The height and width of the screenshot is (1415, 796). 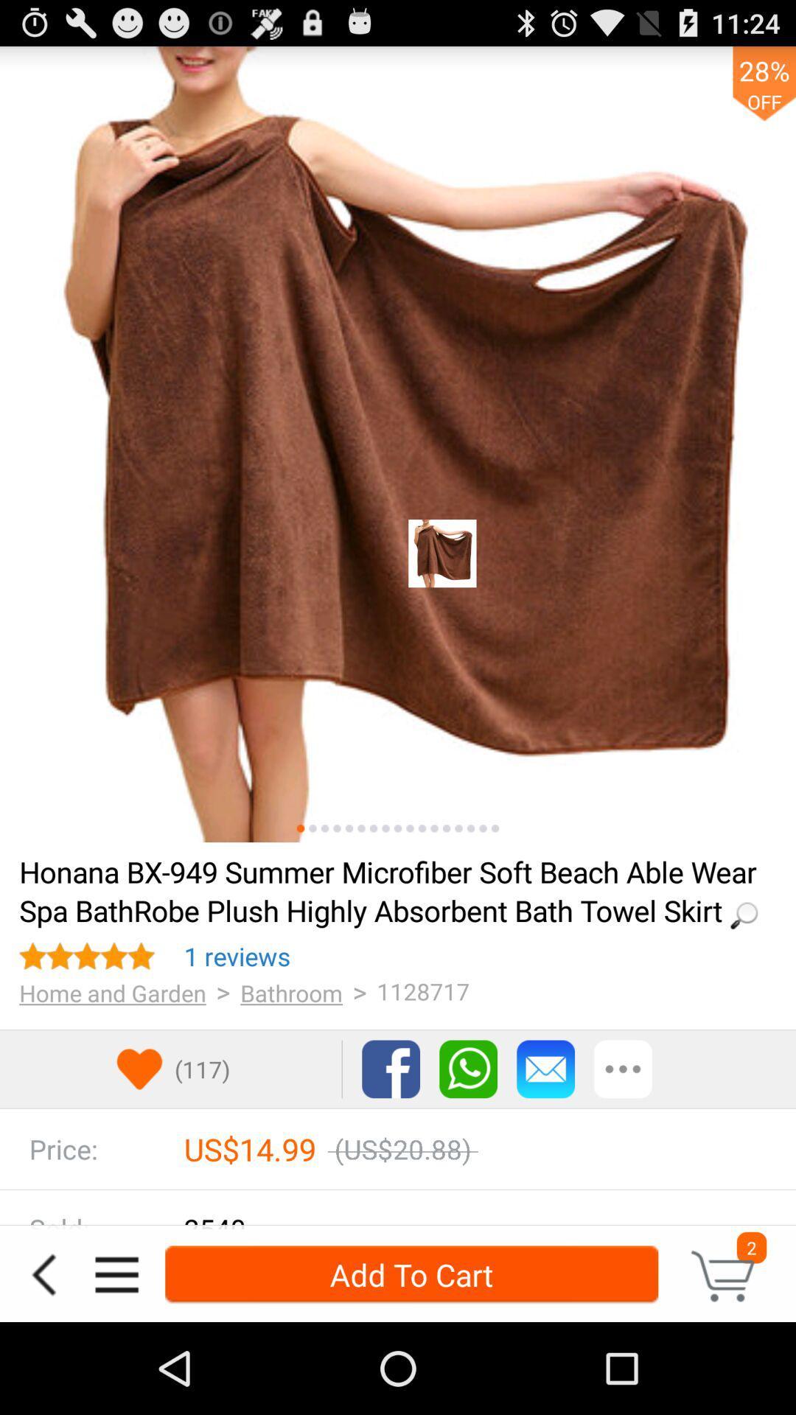 What do you see at coordinates (300, 828) in the screenshot?
I see `this image` at bounding box center [300, 828].